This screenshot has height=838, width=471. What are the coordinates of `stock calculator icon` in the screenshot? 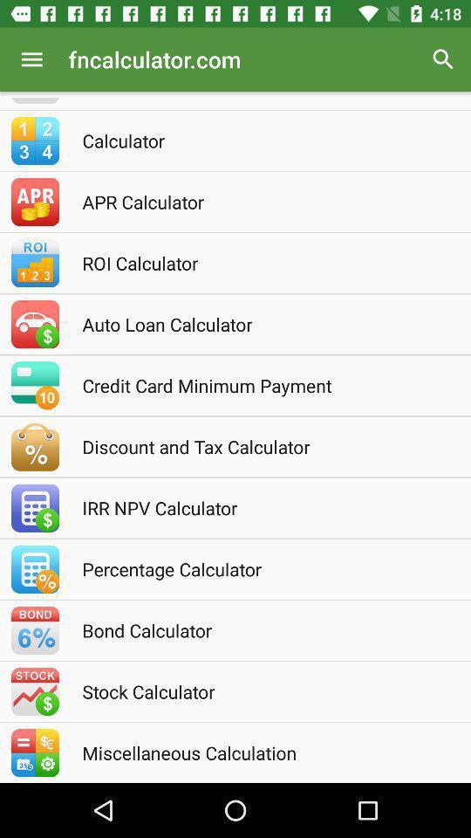 It's located at (258, 691).